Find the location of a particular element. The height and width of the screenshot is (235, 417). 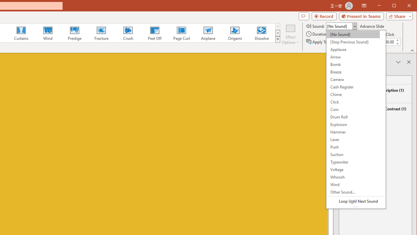

'Peel Off' is located at coordinates (154, 33).